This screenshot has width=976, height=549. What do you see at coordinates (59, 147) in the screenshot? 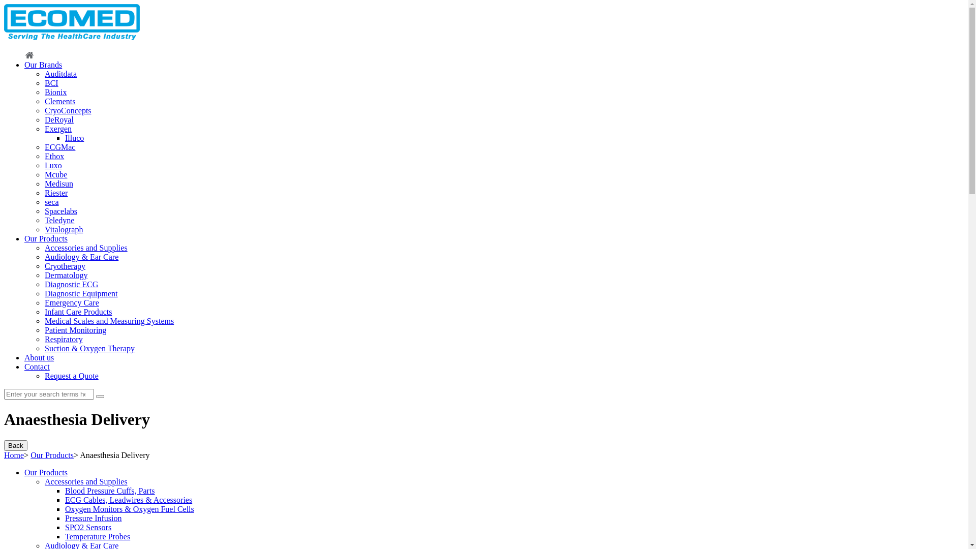
I see `'ECGMac'` at bounding box center [59, 147].